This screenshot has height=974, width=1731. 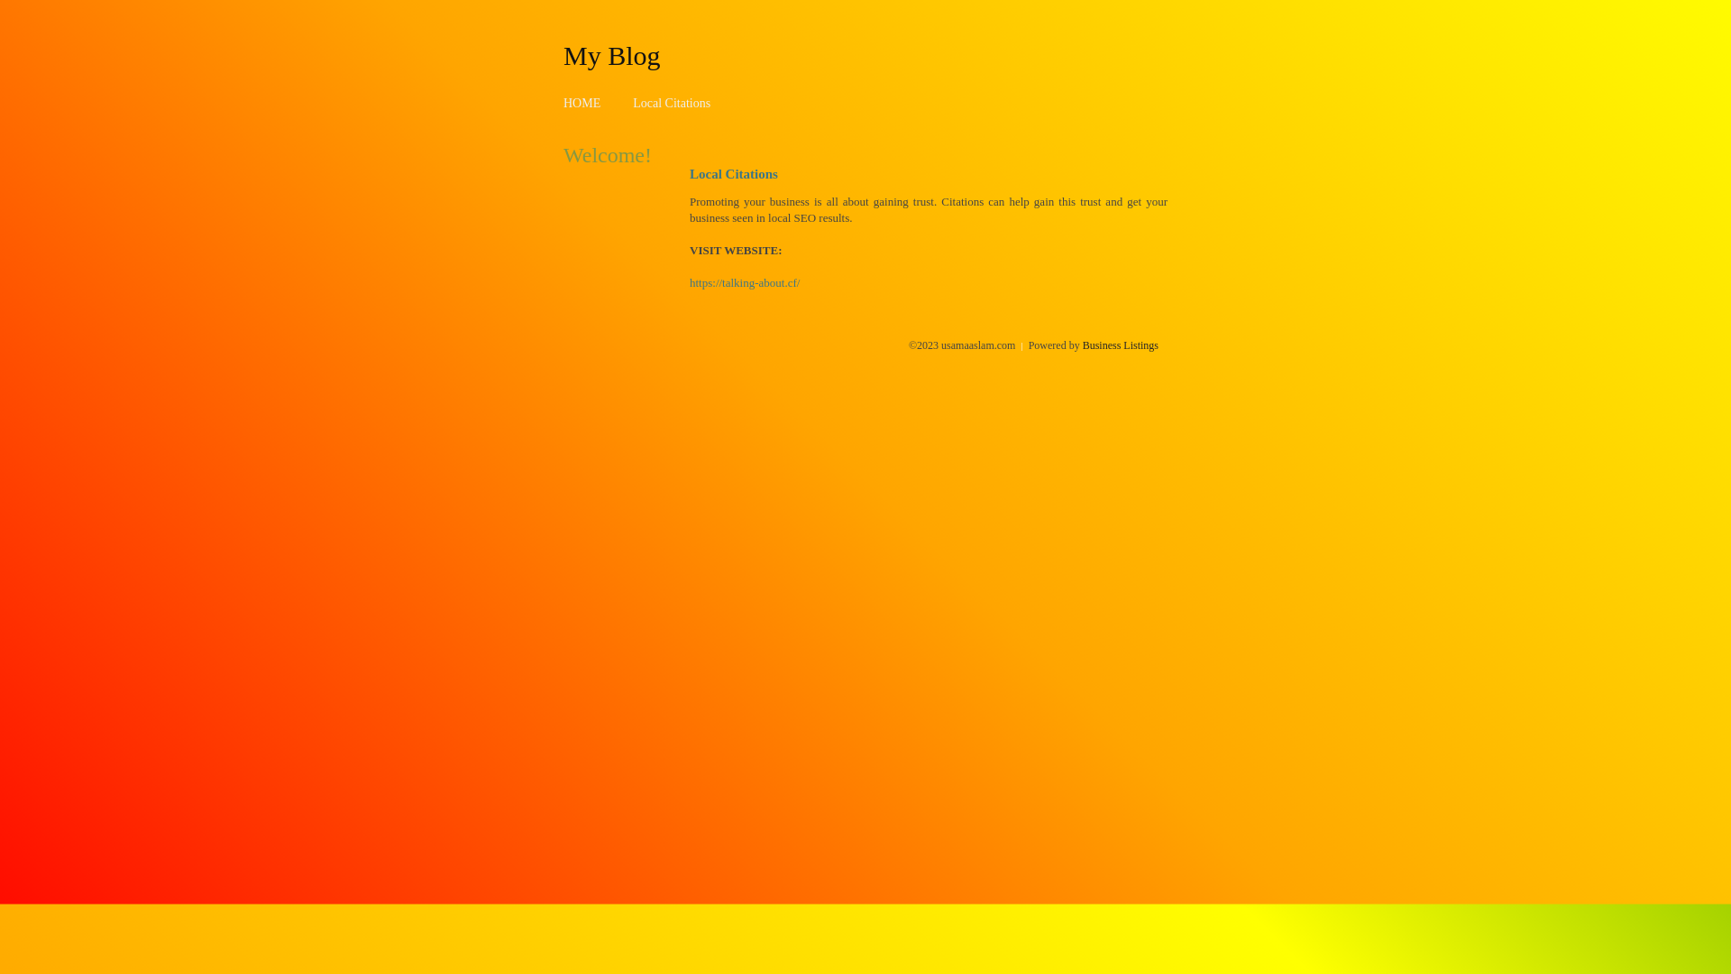 What do you see at coordinates (1120, 345) in the screenshot?
I see `'Business Listings'` at bounding box center [1120, 345].